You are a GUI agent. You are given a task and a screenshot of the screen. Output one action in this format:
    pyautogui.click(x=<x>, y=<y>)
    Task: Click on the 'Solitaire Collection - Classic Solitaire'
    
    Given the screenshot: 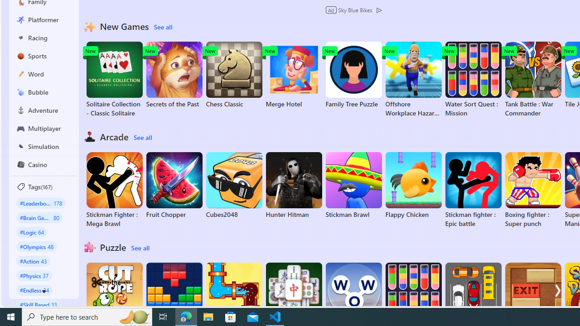 What is the action you would take?
    pyautogui.click(x=114, y=79)
    